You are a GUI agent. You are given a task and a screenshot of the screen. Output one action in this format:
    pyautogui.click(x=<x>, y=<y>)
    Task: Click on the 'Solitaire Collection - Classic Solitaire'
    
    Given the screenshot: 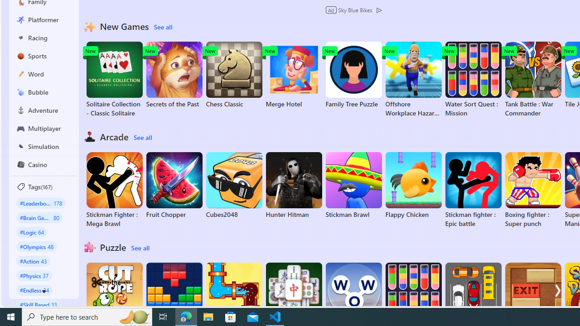 What is the action you would take?
    pyautogui.click(x=114, y=79)
    